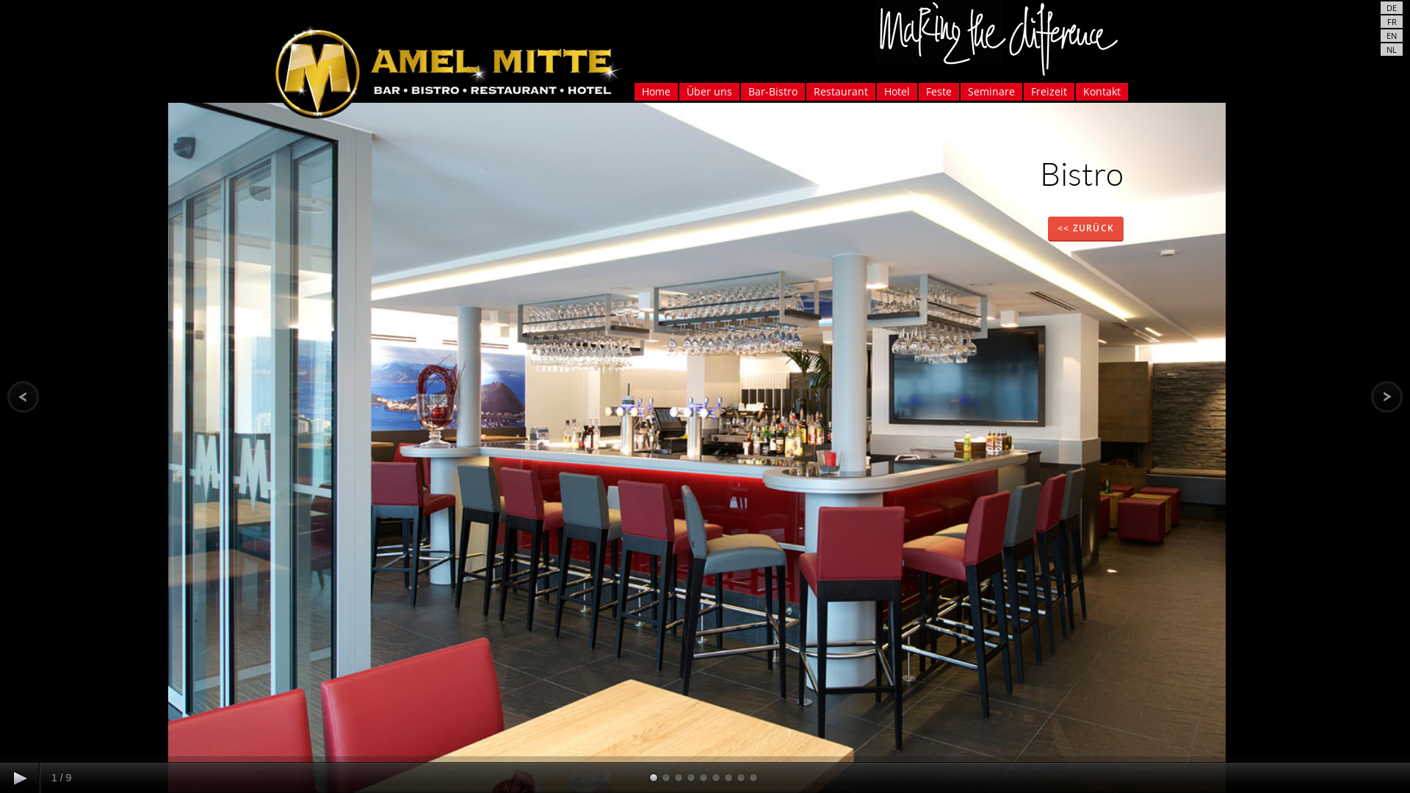  Describe the element at coordinates (634, 91) in the screenshot. I see `'Home'` at that location.